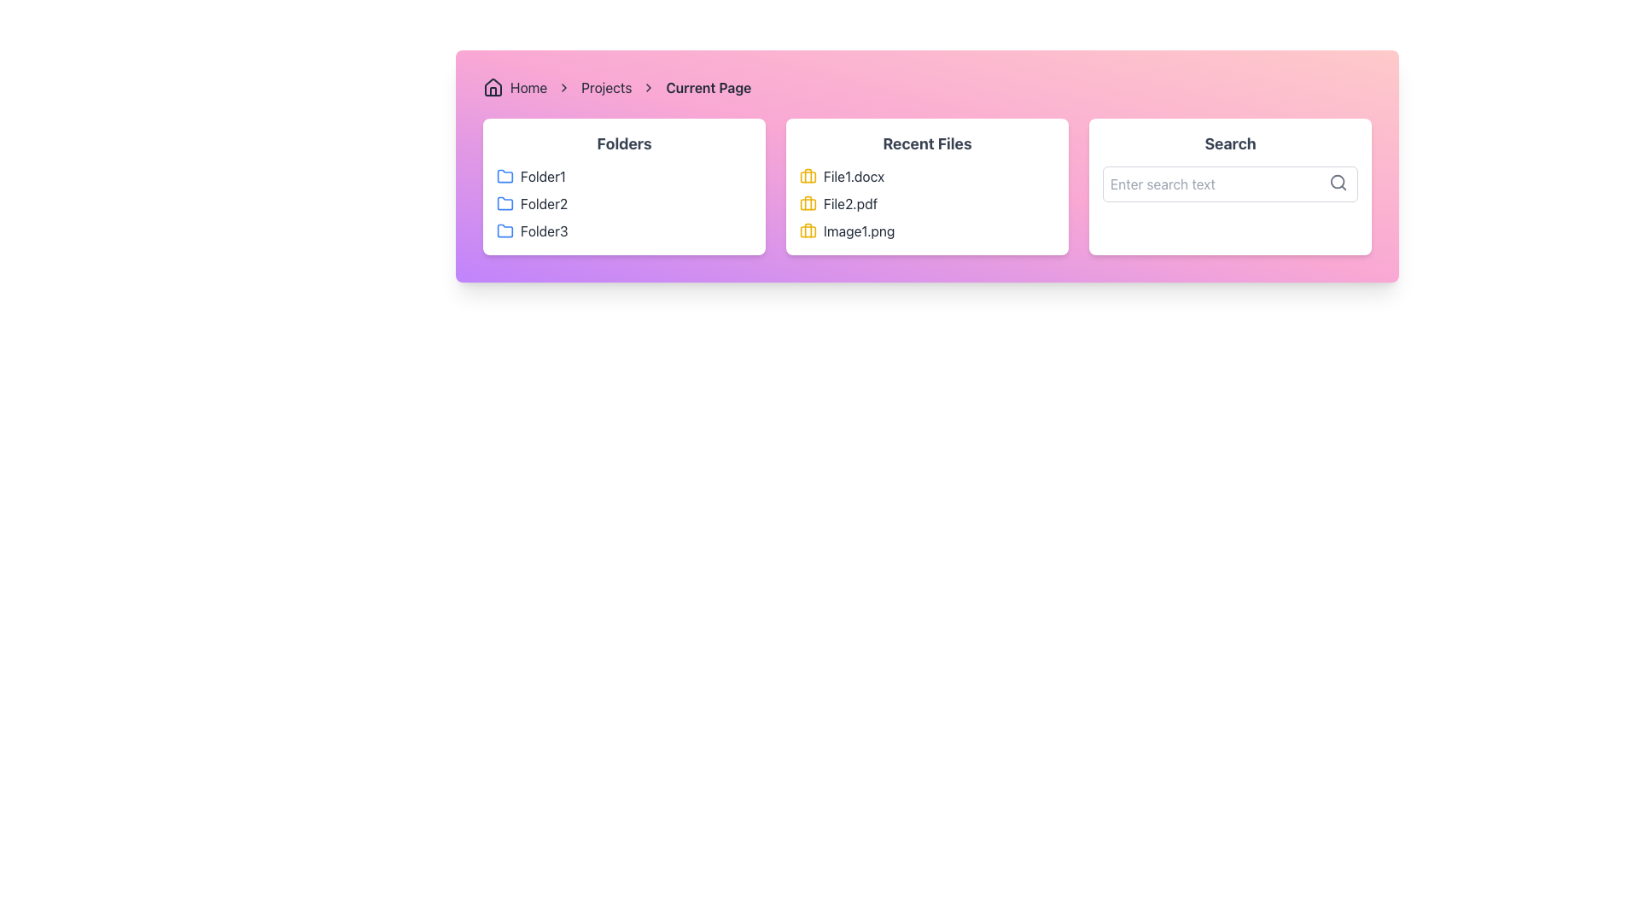 This screenshot has width=1639, height=922. Describe the element at coordinates (1338, 182) in the screenshot. I see `the magnifying glass icon located in the top-right portion of the search input field to indicate the initiation of a search operation` at that location.